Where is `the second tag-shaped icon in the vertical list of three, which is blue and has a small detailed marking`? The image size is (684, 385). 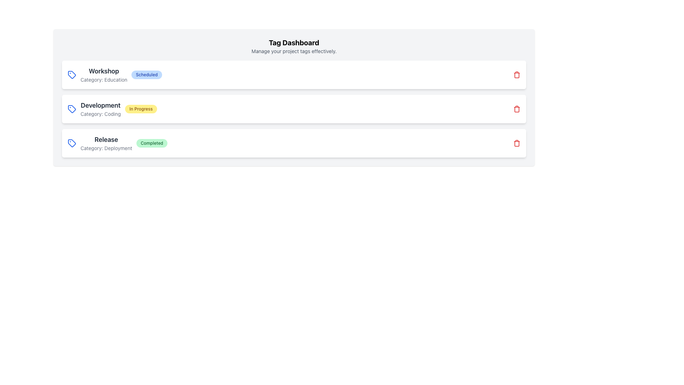
the second tag-shaped icon in the vertical list of three, which is blue and has a small detailed marking is located at coordinates (72, 109).